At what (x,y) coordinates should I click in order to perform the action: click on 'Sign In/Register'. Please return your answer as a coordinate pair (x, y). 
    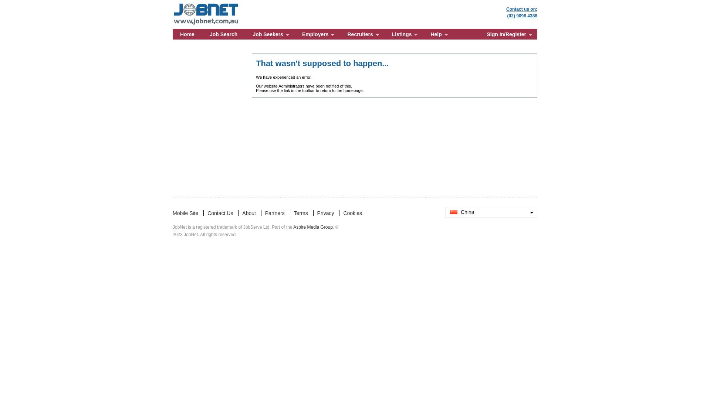
    Looking at the image, I should click on (508, 34).